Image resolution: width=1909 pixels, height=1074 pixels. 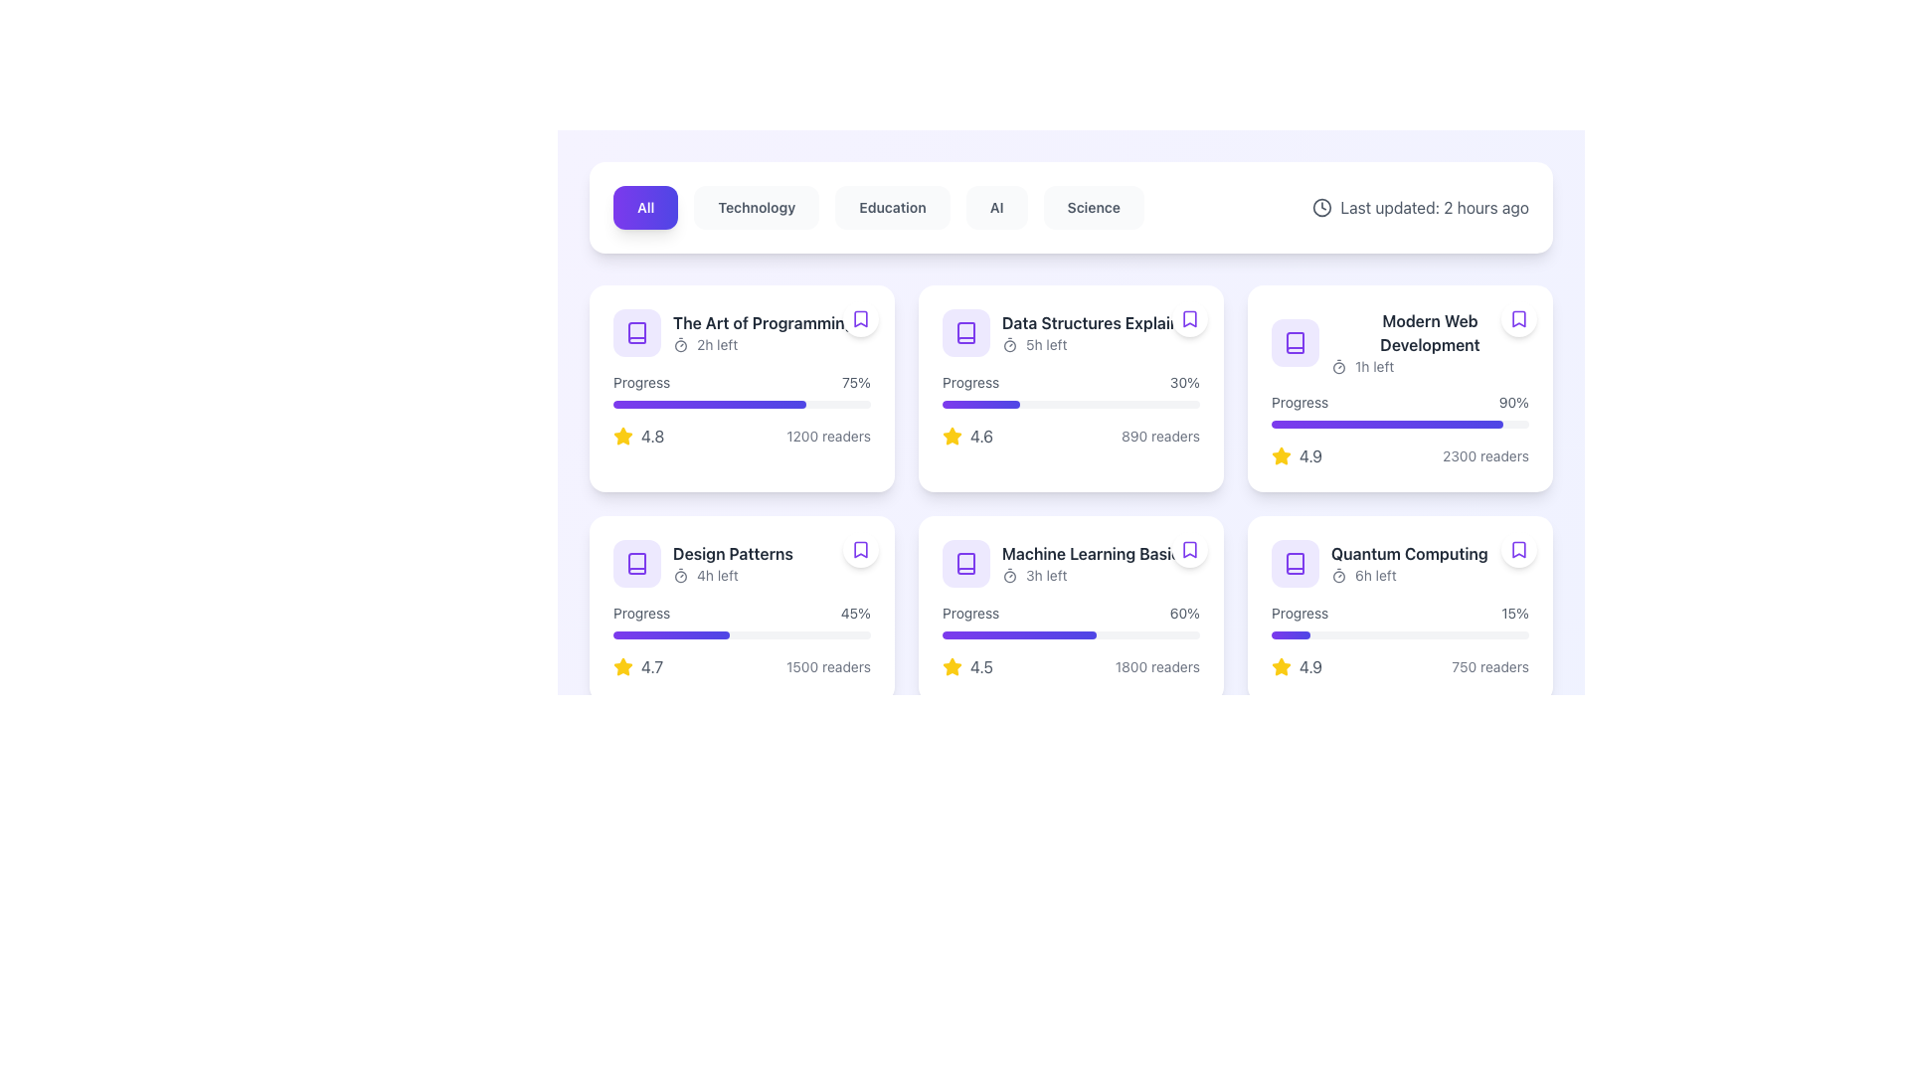 What do you see at coordinates (1070, 635) in the screenshot?
I see `the progress bar representing 60% completion for the course 'Machine Learning Basics', located within the fourth card of the grid layout in the second row` at bounding box center [1070, 635].